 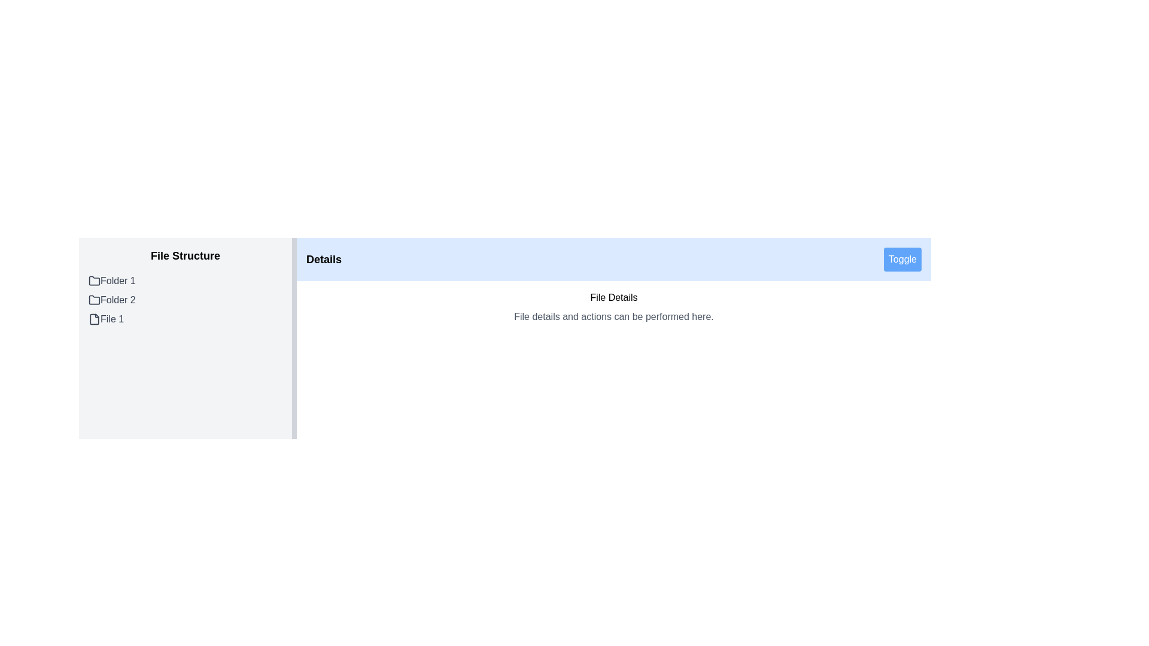 What do you see at coordinates (94, 318) in the screenshot?
I see `the file icon located in the sidebar of the file structure interface, which is directly positioned to the left of the text label 'File 1.'` at bounding box center [94, 318].